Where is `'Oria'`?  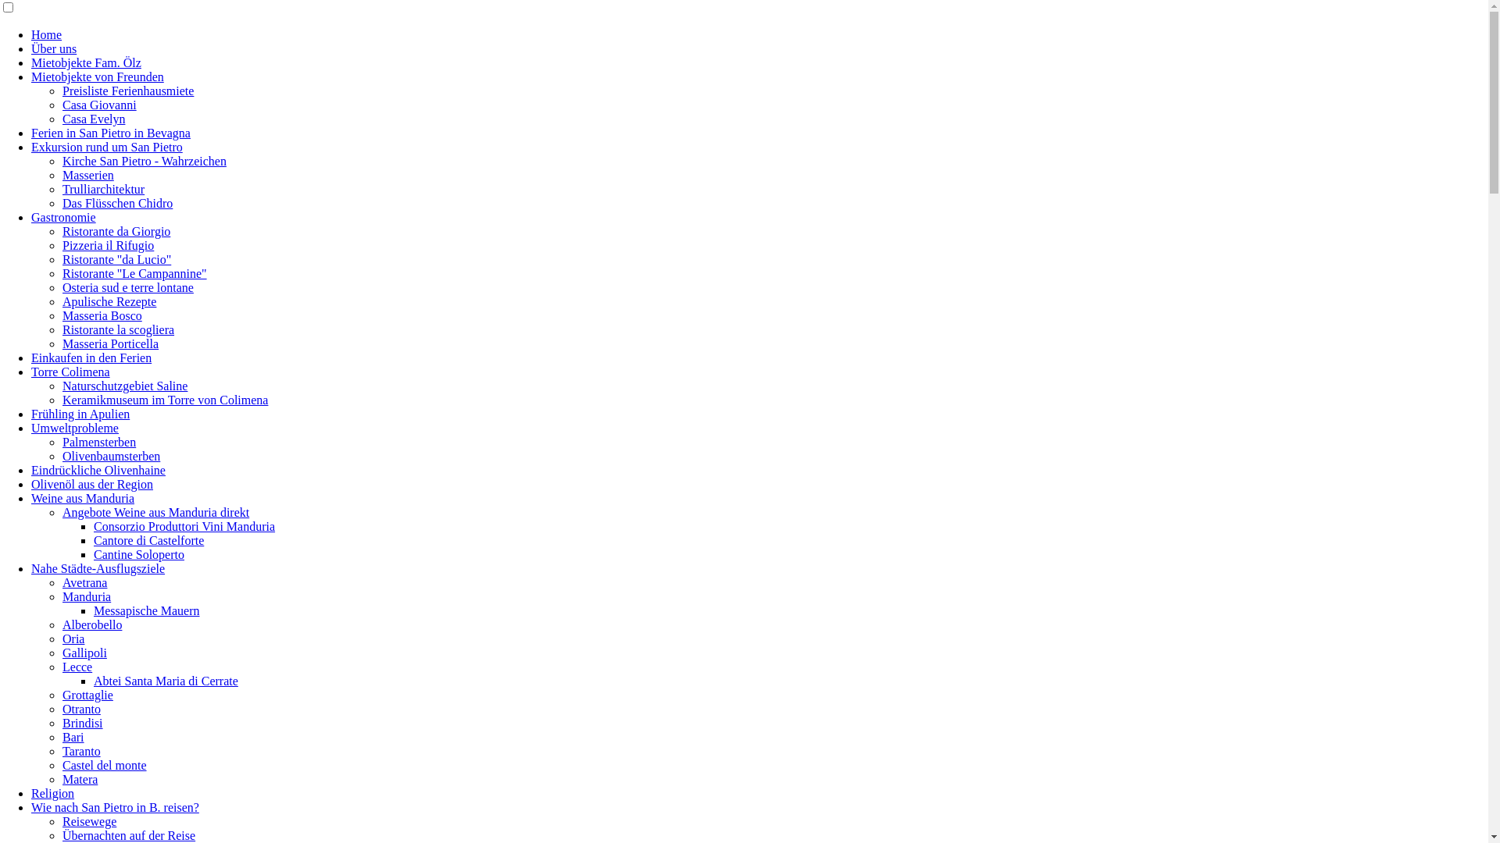
'Oria' is located at coordinates (62, 638).